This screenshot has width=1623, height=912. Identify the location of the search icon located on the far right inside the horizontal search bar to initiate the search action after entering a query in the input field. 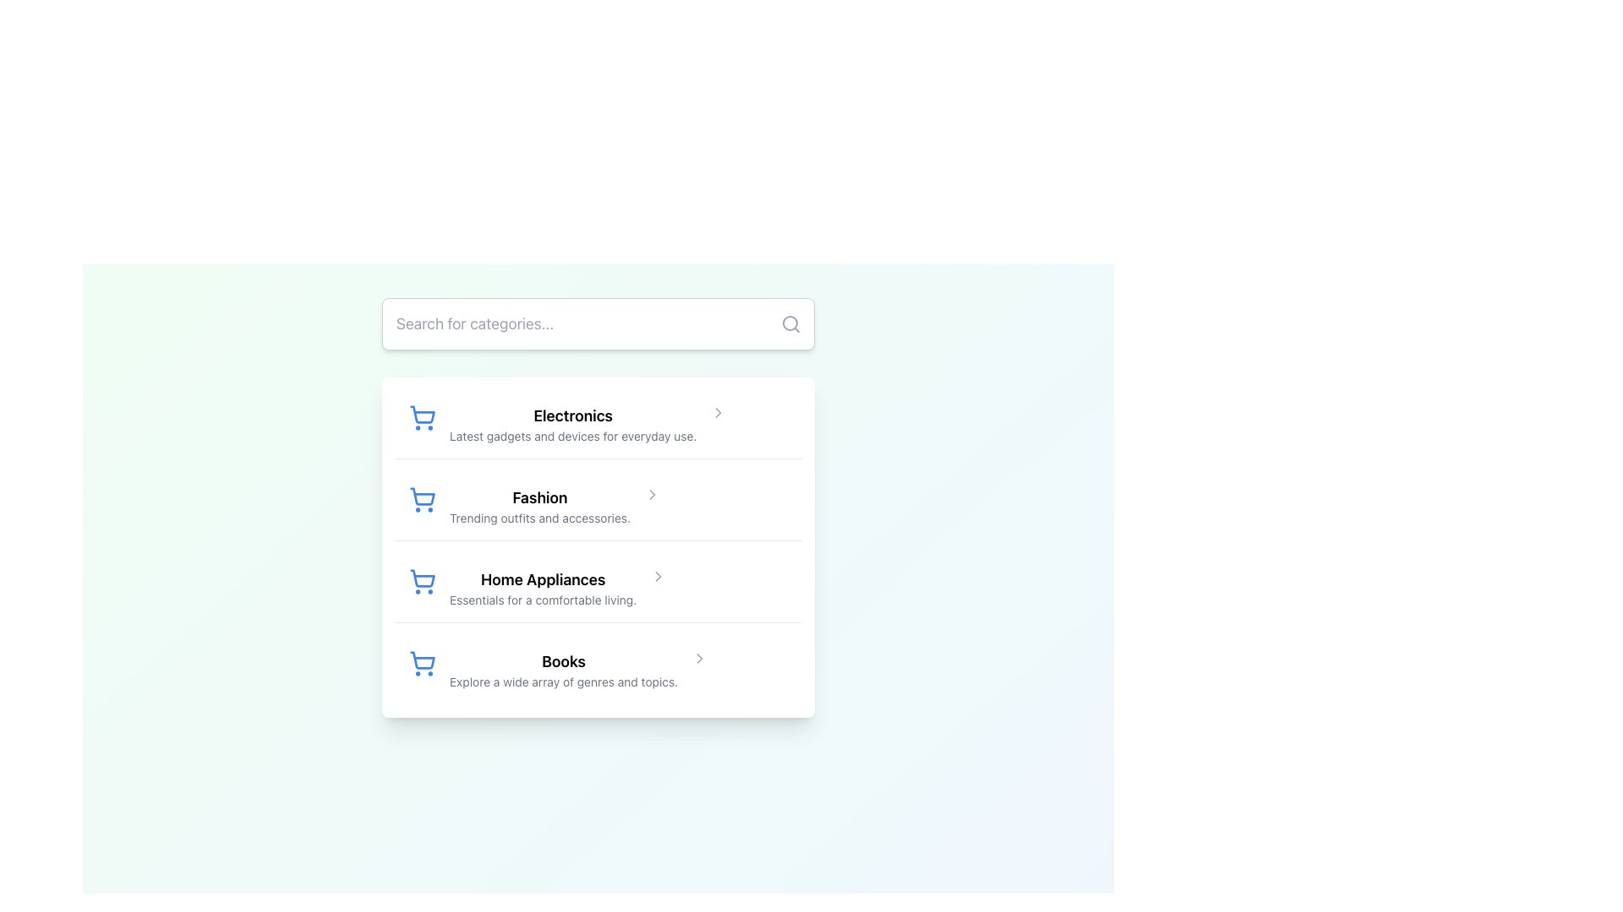
(790, 324).